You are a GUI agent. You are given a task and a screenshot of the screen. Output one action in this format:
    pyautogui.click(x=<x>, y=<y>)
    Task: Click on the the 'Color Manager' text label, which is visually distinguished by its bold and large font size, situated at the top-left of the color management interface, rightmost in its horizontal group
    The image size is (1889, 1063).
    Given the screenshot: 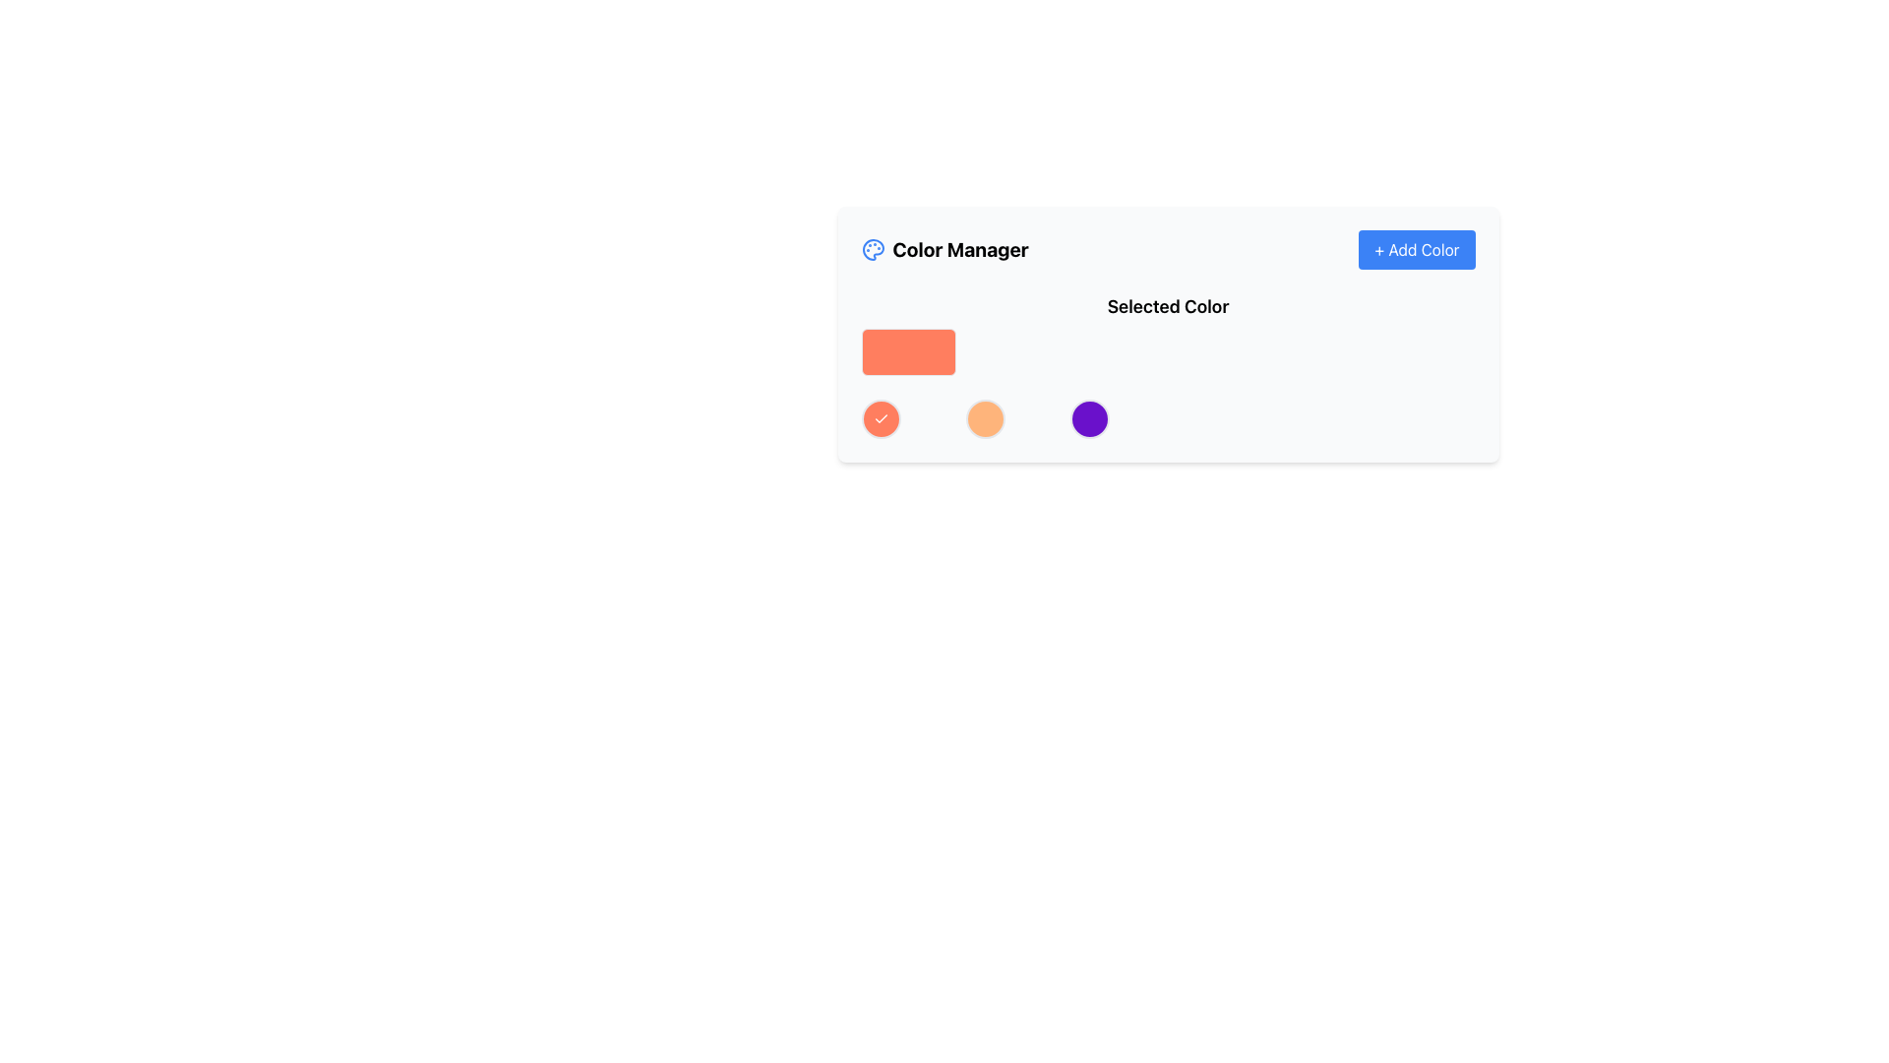 What is the action you would take?
    pyautogui.click(x=960, y=249)
    